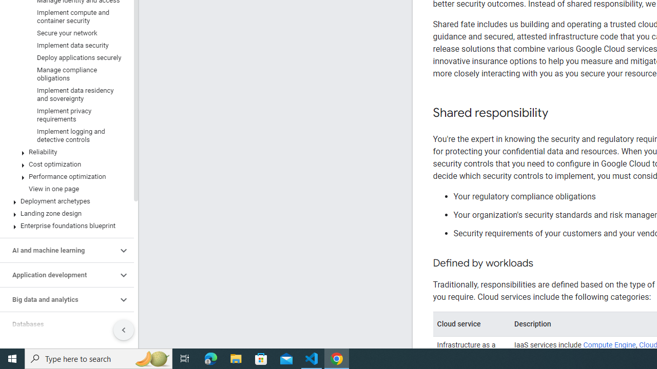 The width and height of the screenshot is (657, 369). Describe the element at coordinates (64, 176) in the screenshot. I see `'Performance optimization'` at that location.